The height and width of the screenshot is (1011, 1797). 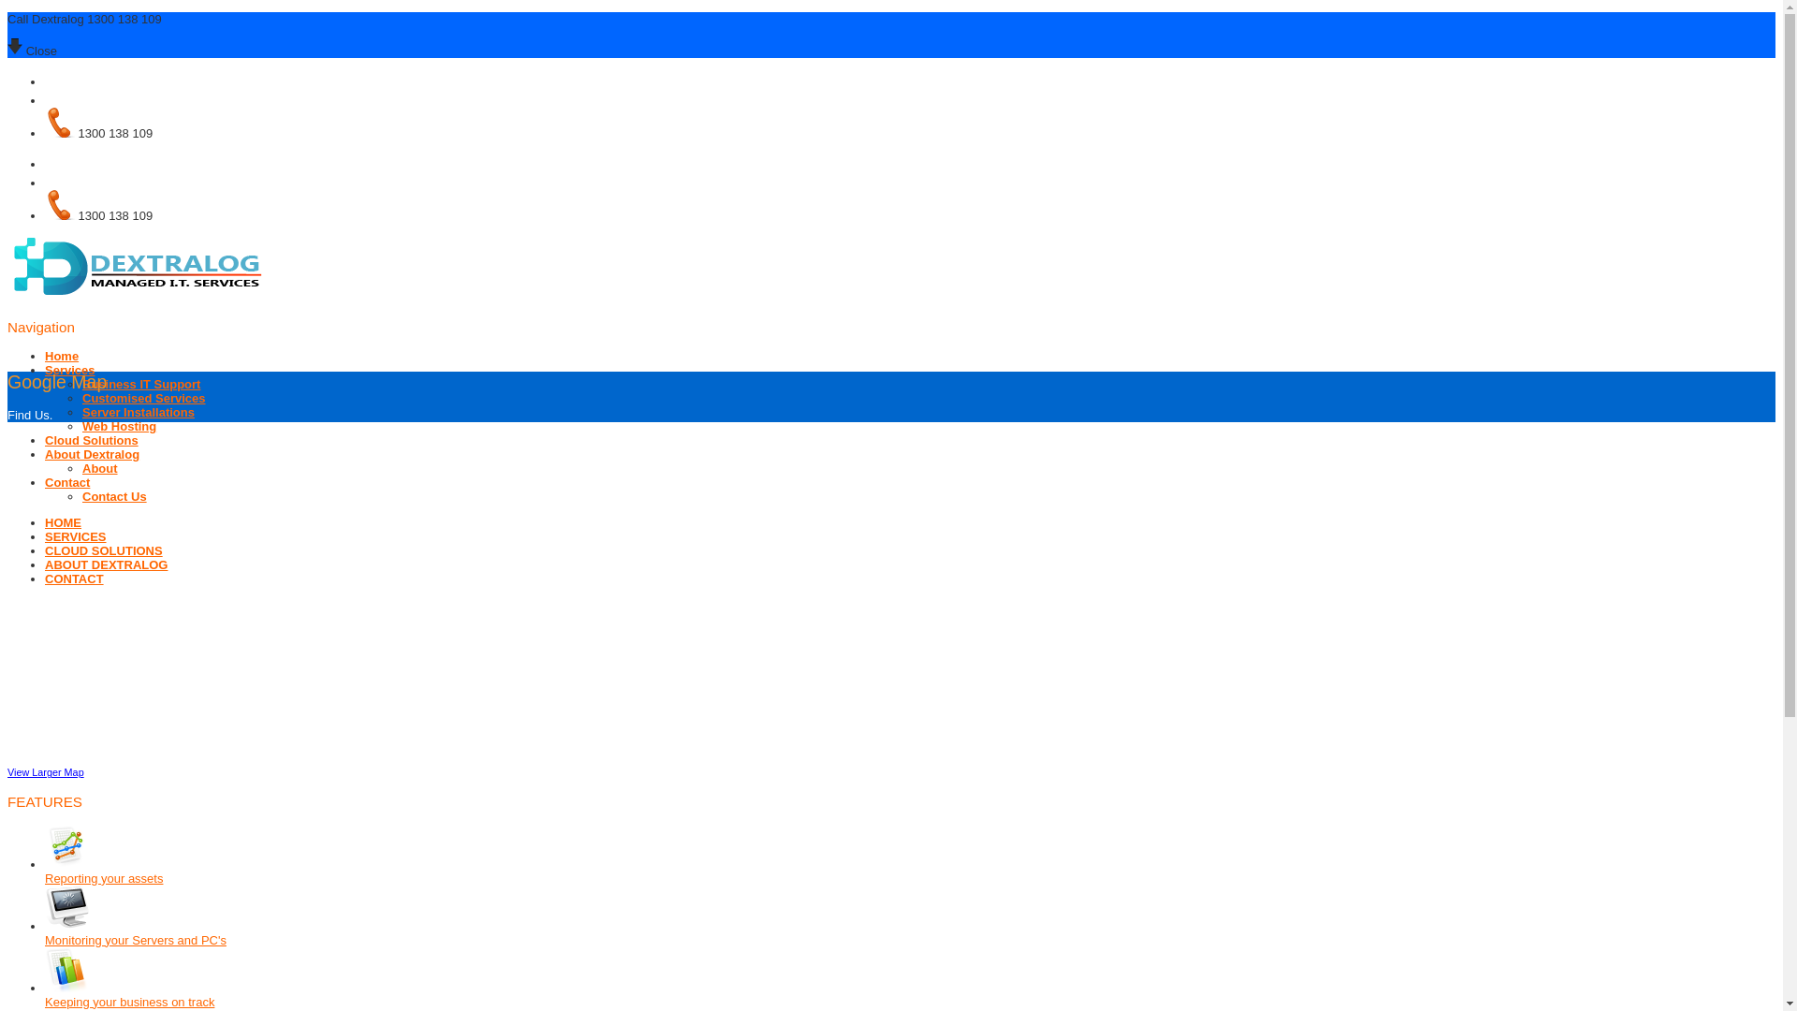 I want to click on 'Cloud Solutions', so click(x=90, y=440).